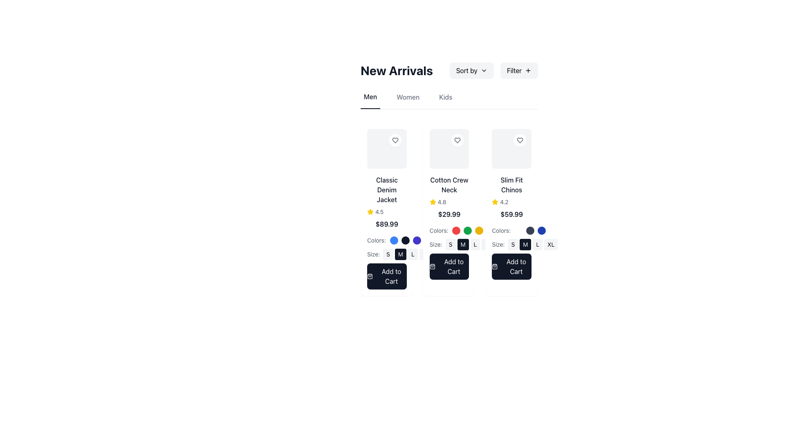  What do you see at coordinates (449, 244) in the screenshot?
I see `the size selection button in the middle card of the product row, located below the price '$29.99' and above the 'Add to Cart' button` at bounding box center [449, 244].